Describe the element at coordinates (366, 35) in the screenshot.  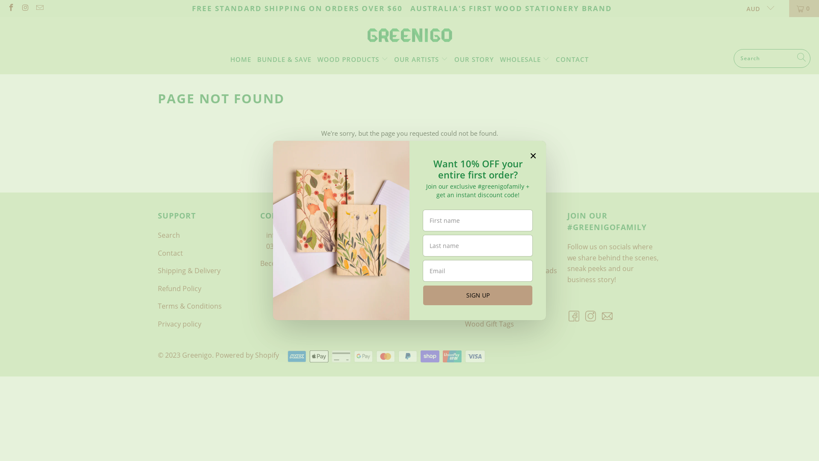
I see `'Greenigo'` at that location.